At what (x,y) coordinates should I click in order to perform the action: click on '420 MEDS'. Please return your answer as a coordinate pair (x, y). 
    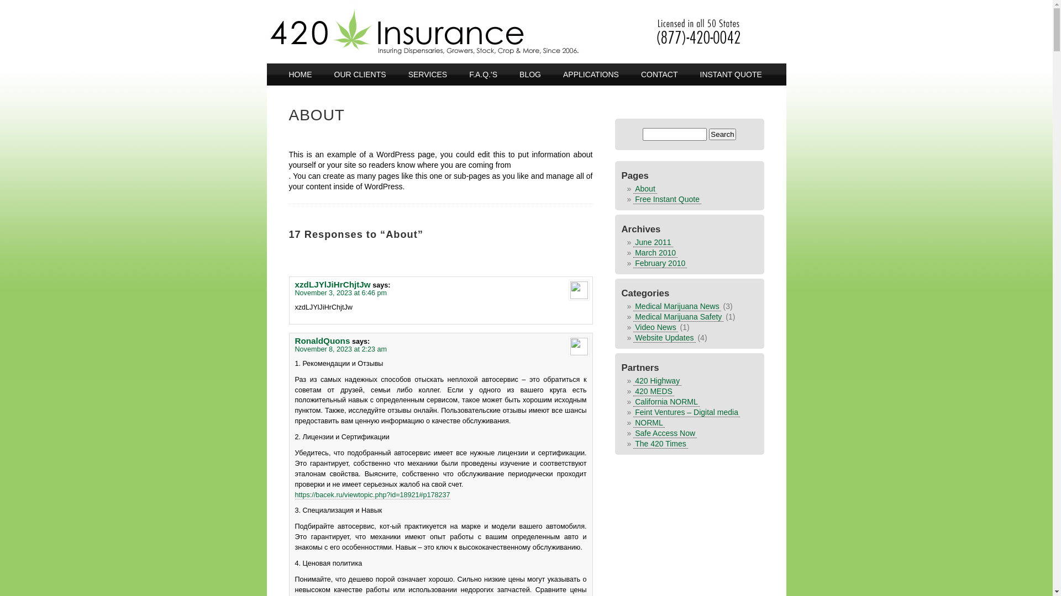
    Looking at the image, I should click on (653, 390).